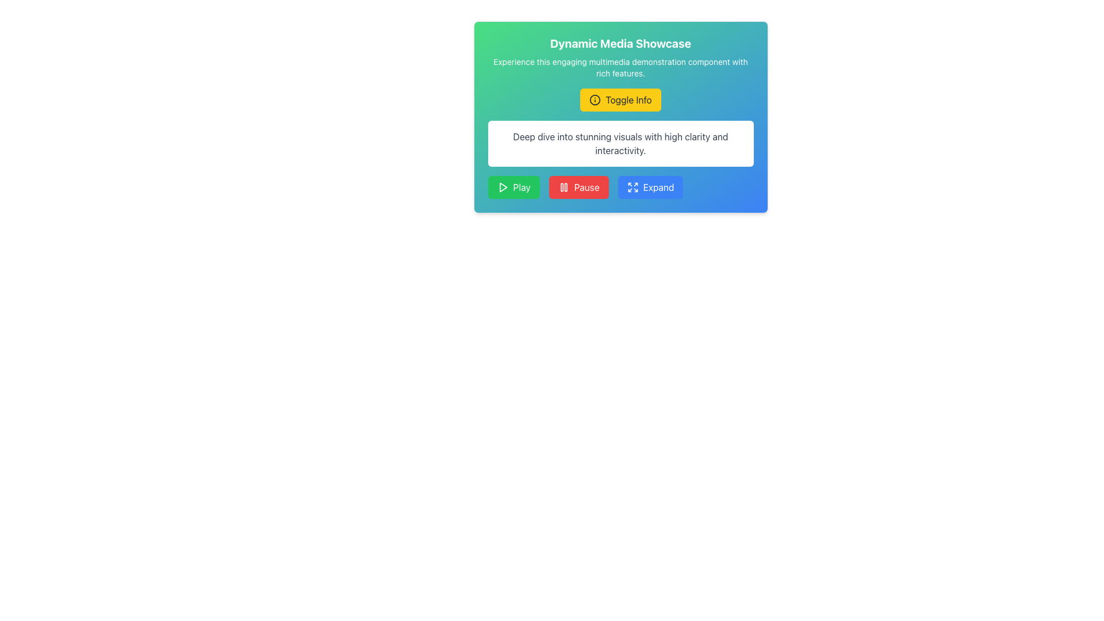 The width and height of the screenshot is (1104, 621). Describe the element at coordinates (620, 43) in the screenshot. I see `text displayed in the title or header section, which is positioned above the subtitle 'Experience this engaging multimedia demonstration component with rich features.'` at that location.